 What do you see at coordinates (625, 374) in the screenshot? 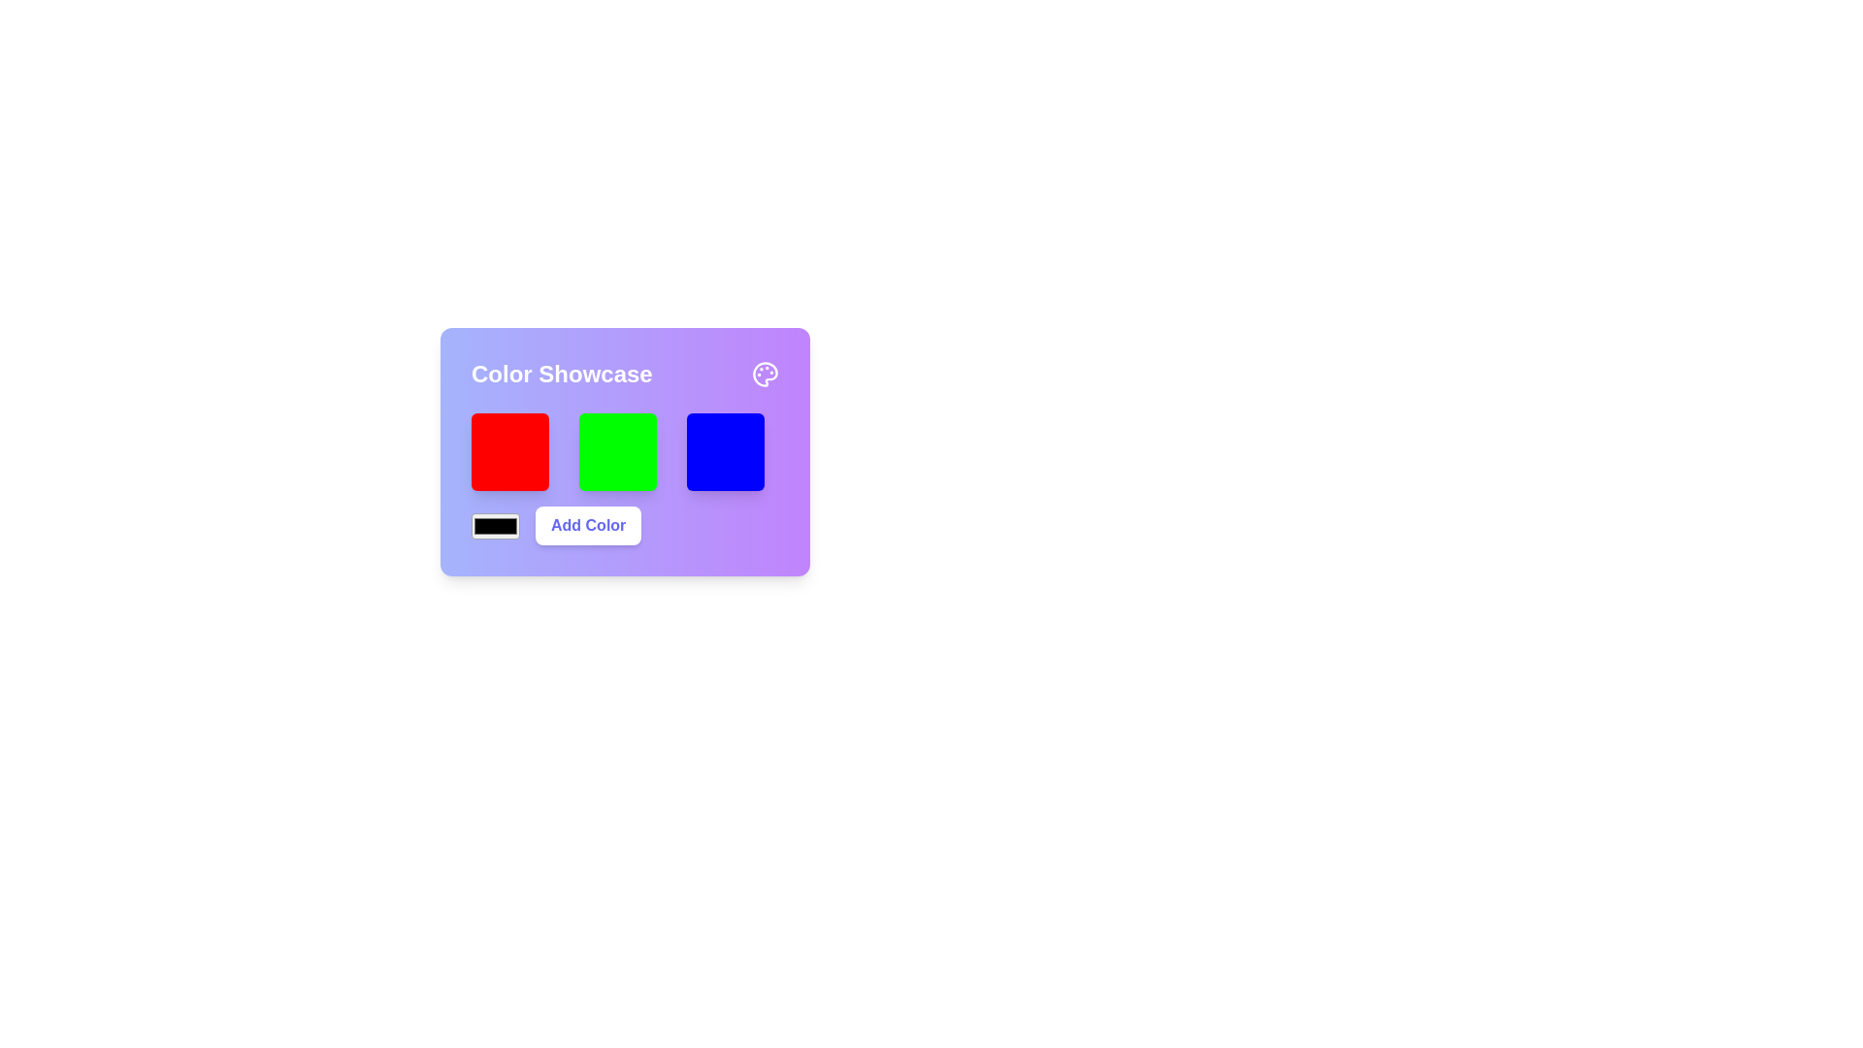
I see `the 'Color Showcase' text header with palette icon, which is located at the top section of a rounded panel with a gradient background` at bounding box center [625, 374].